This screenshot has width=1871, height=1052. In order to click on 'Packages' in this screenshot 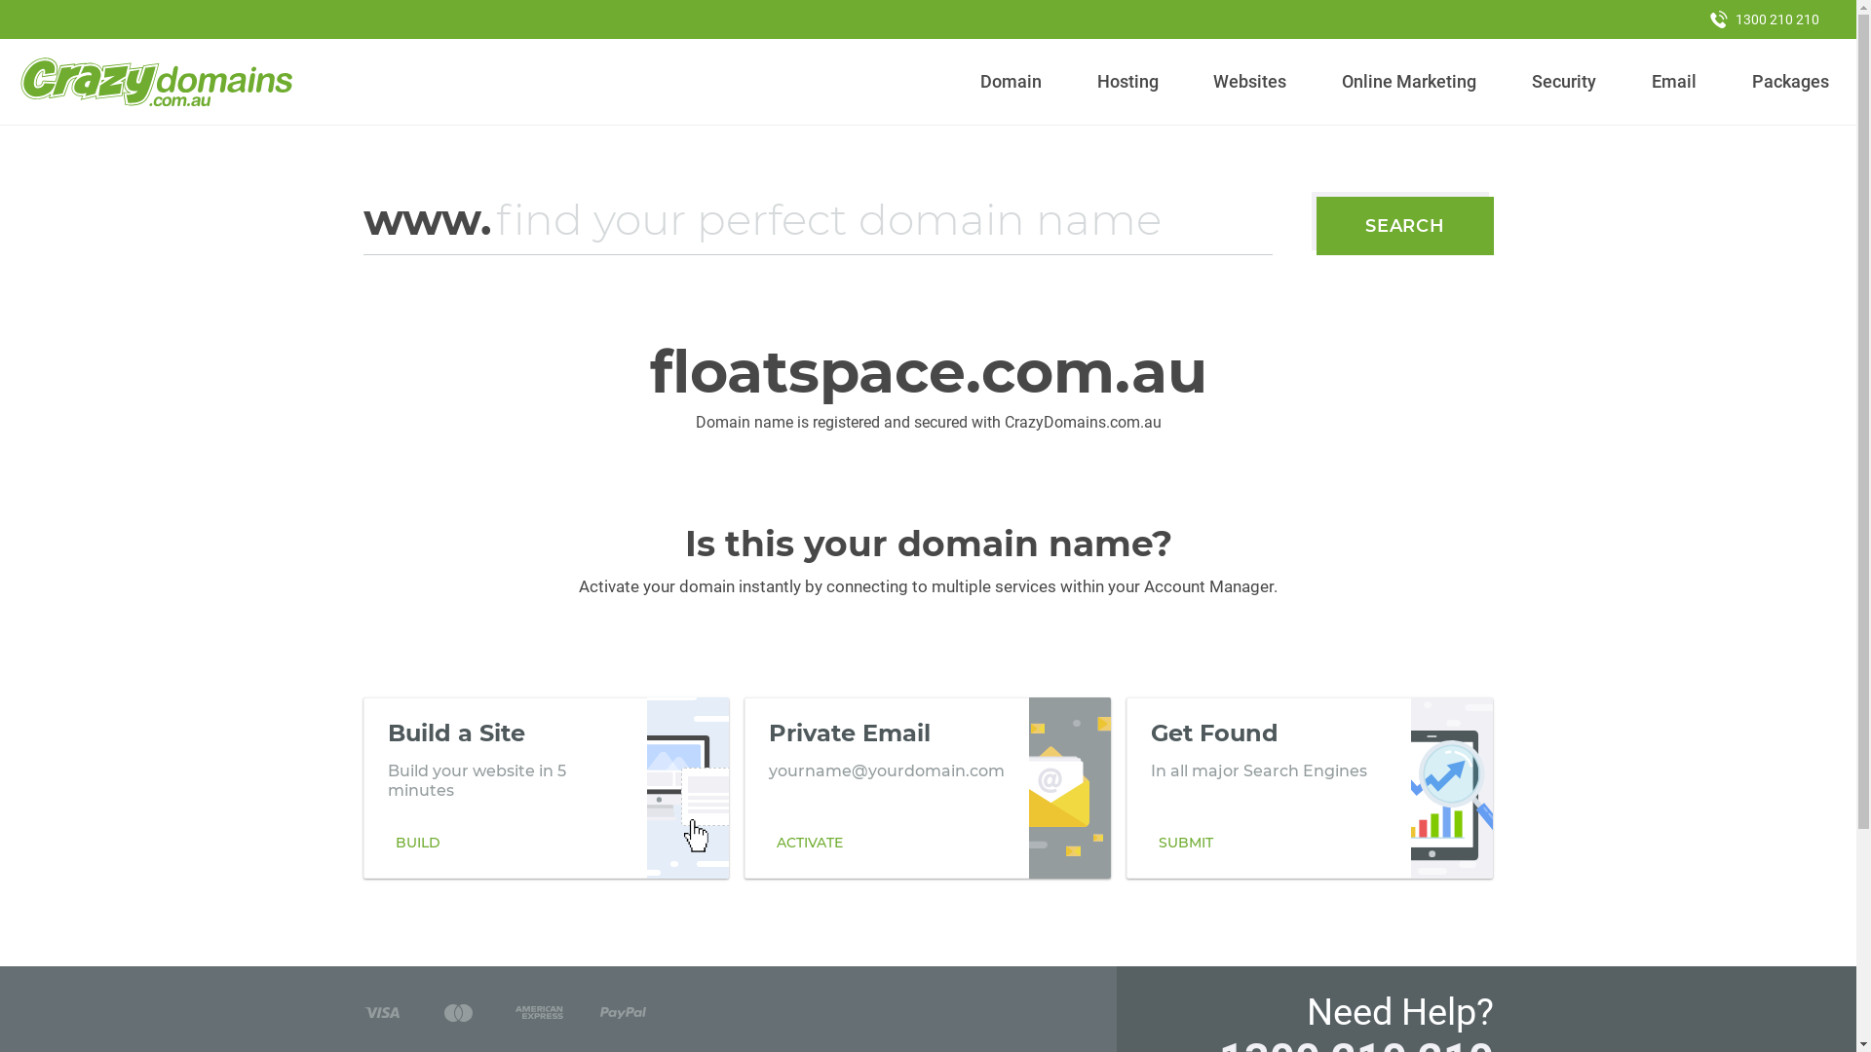, I will do `click(1790, 81)`.